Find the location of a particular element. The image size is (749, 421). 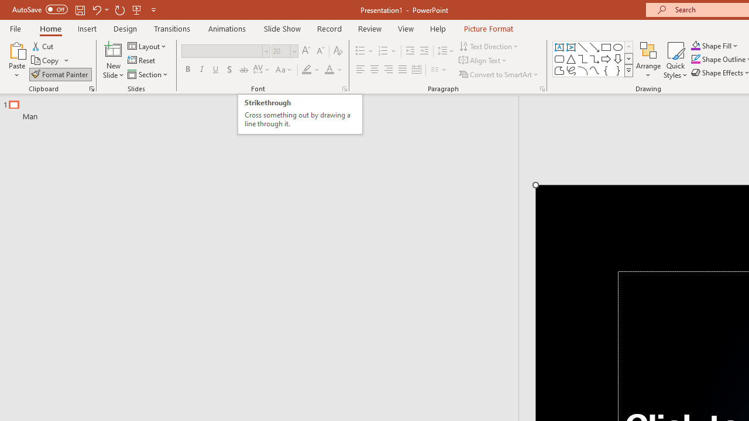

'Picture Format' is located at coordinates (489, 28).